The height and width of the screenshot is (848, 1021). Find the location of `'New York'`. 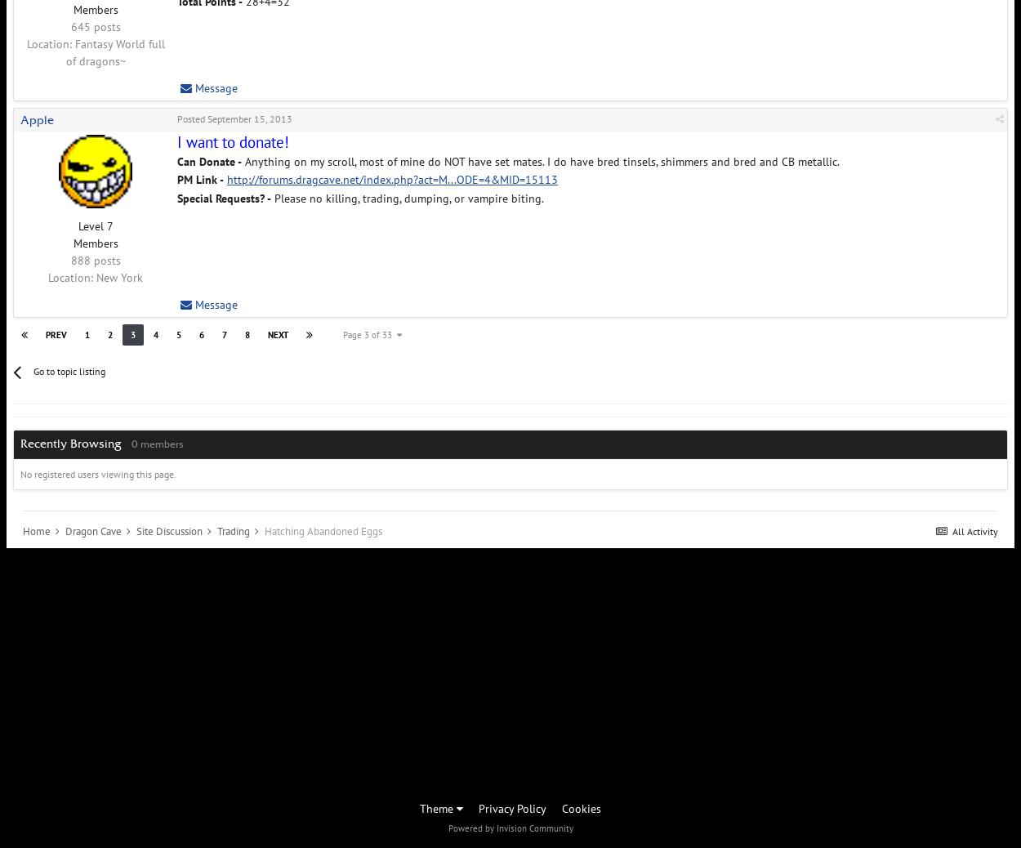

'New York' is located at coordinates (96, 277).